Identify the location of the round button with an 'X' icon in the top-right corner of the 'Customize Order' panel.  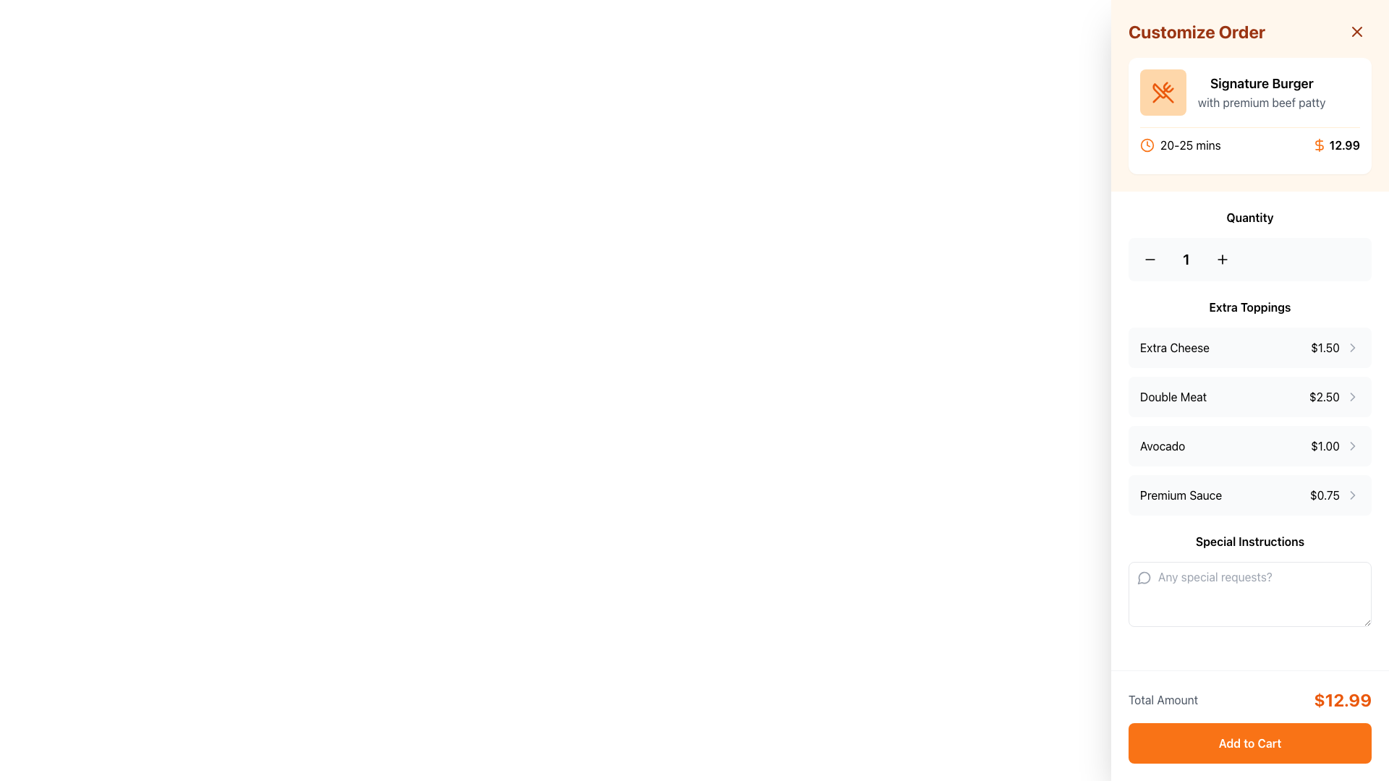
(1356, 31).